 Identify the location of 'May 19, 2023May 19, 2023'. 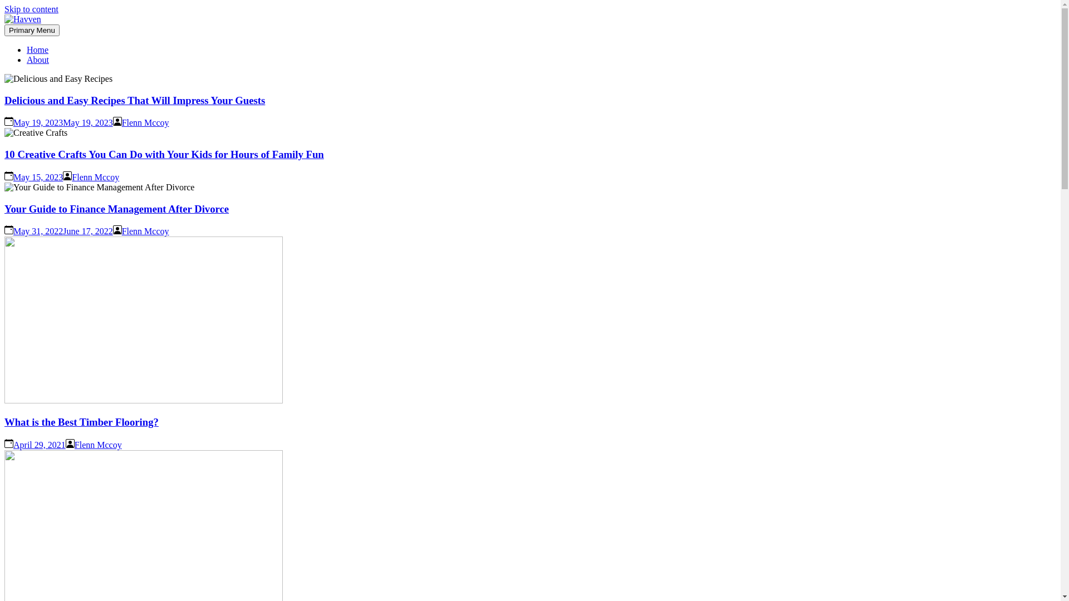
(13, 122).